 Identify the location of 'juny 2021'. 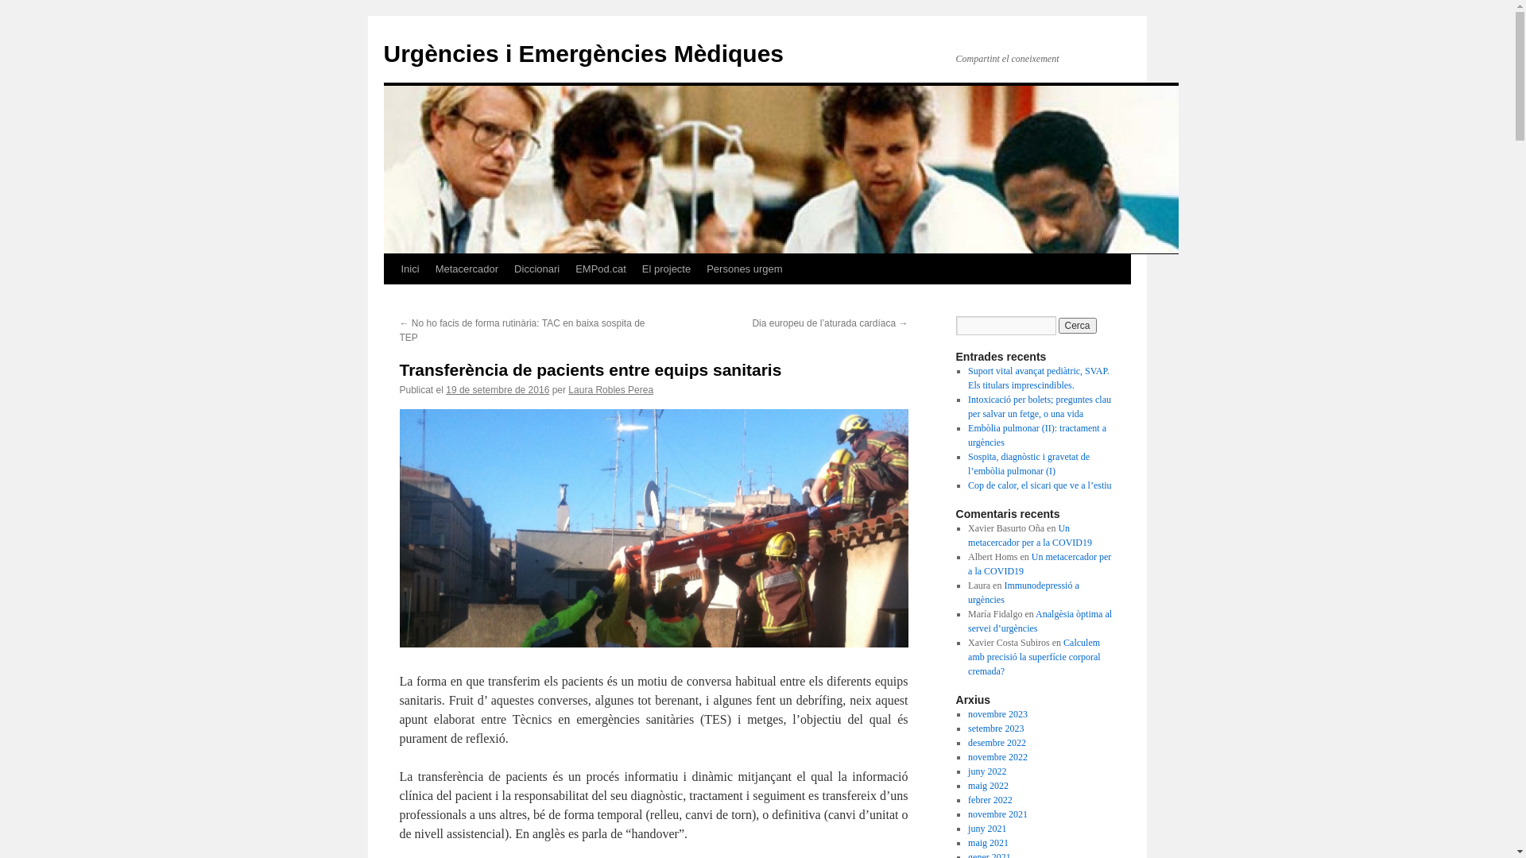
(986, 827).